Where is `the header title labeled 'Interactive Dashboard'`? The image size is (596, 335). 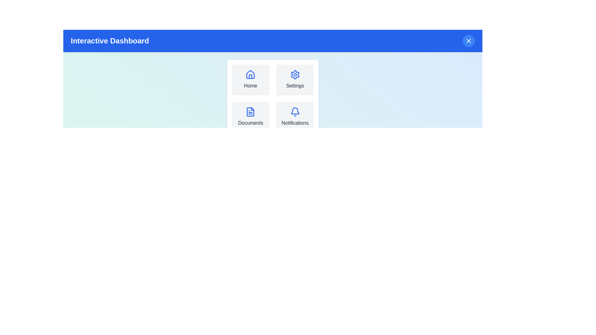 the header title labeled 'Interactive Dashboard' is located at coordinates (110, 41).